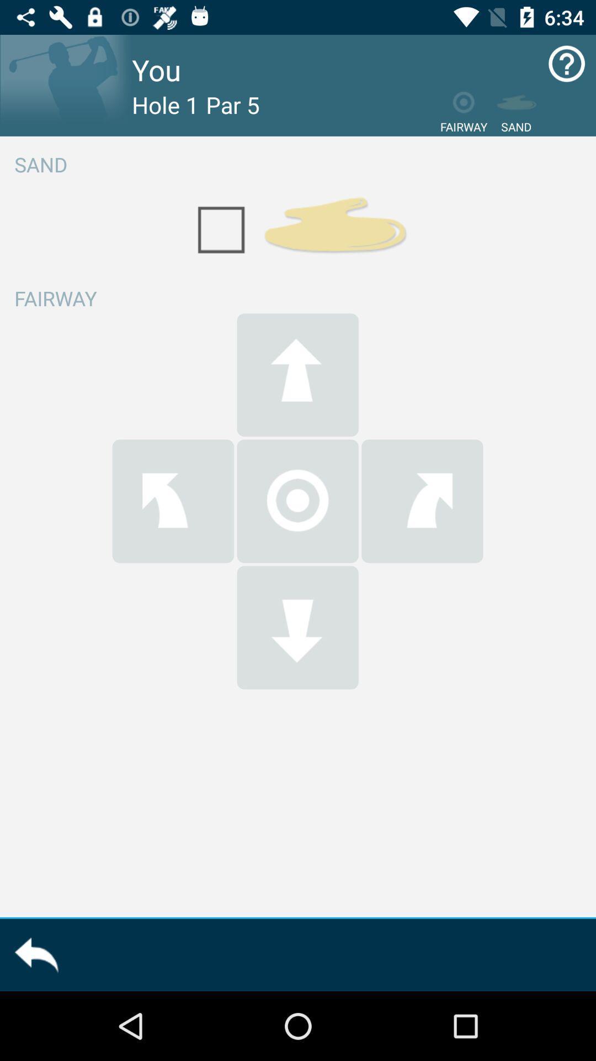 This screenshot has height=1061, width=596. What do you see at coordinates (297, 627) in the screenshot?
I see `move on down` at bounding box center [297, 627].